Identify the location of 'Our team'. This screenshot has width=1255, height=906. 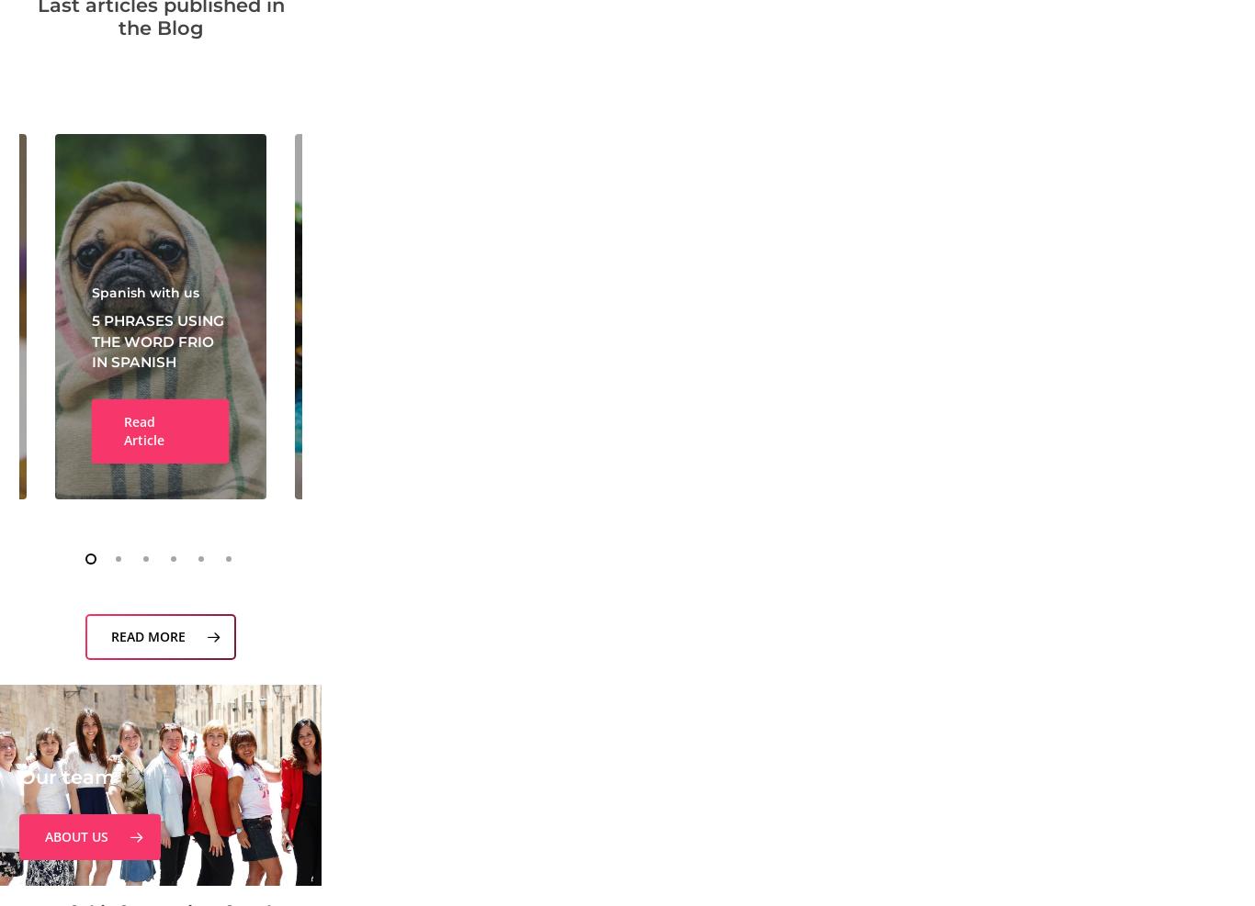
(66, 776).